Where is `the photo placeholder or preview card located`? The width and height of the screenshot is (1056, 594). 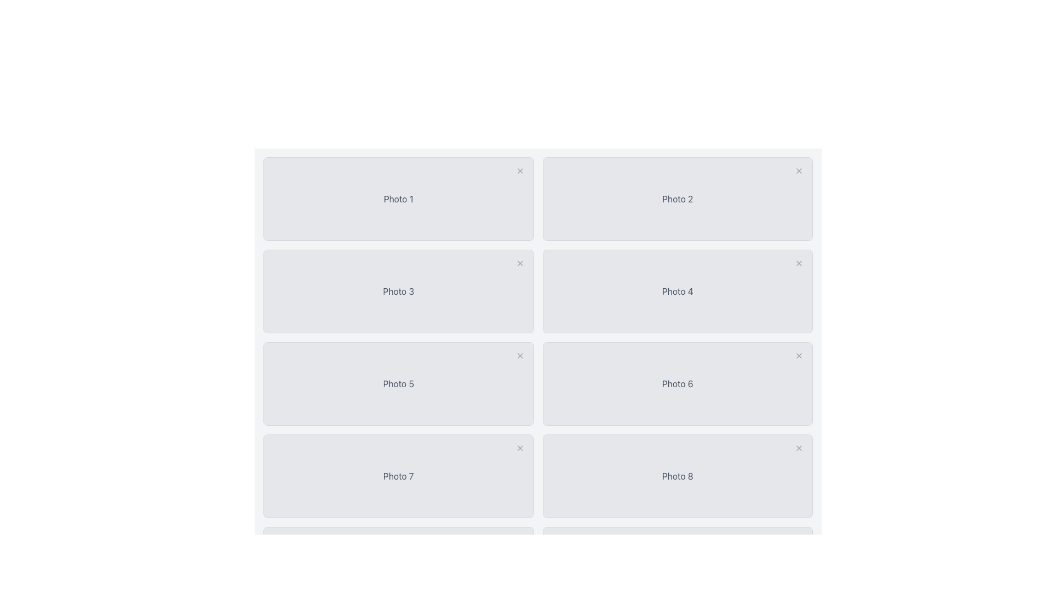 the photo placeholder or preview card located is located at coordinates (398, 290).